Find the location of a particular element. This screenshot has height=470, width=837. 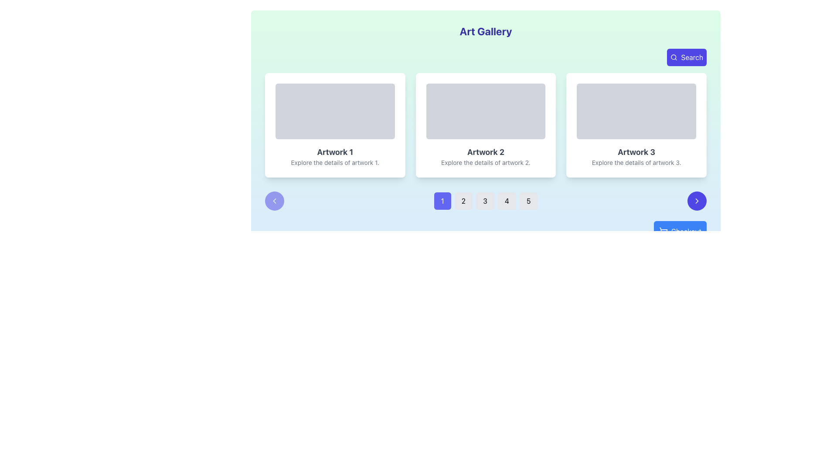

the rectangular button with rounded corners, light gray background, and the numeral '2' in bold is located at coordinates (463, 201).